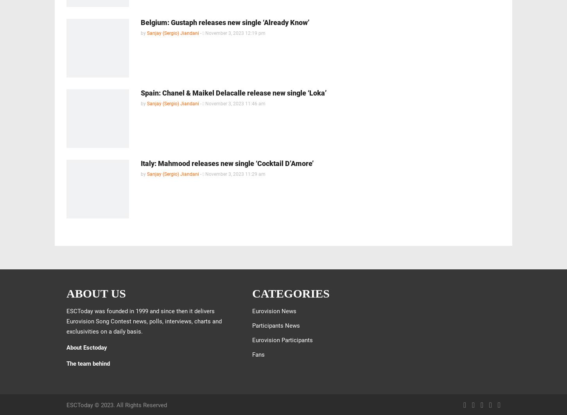 The height and width of the screenshot is (415, 567). What do you see at coordinates (88, 363) in the screenshot?
I see `'The team behind'` at bounding box center [88, 363].